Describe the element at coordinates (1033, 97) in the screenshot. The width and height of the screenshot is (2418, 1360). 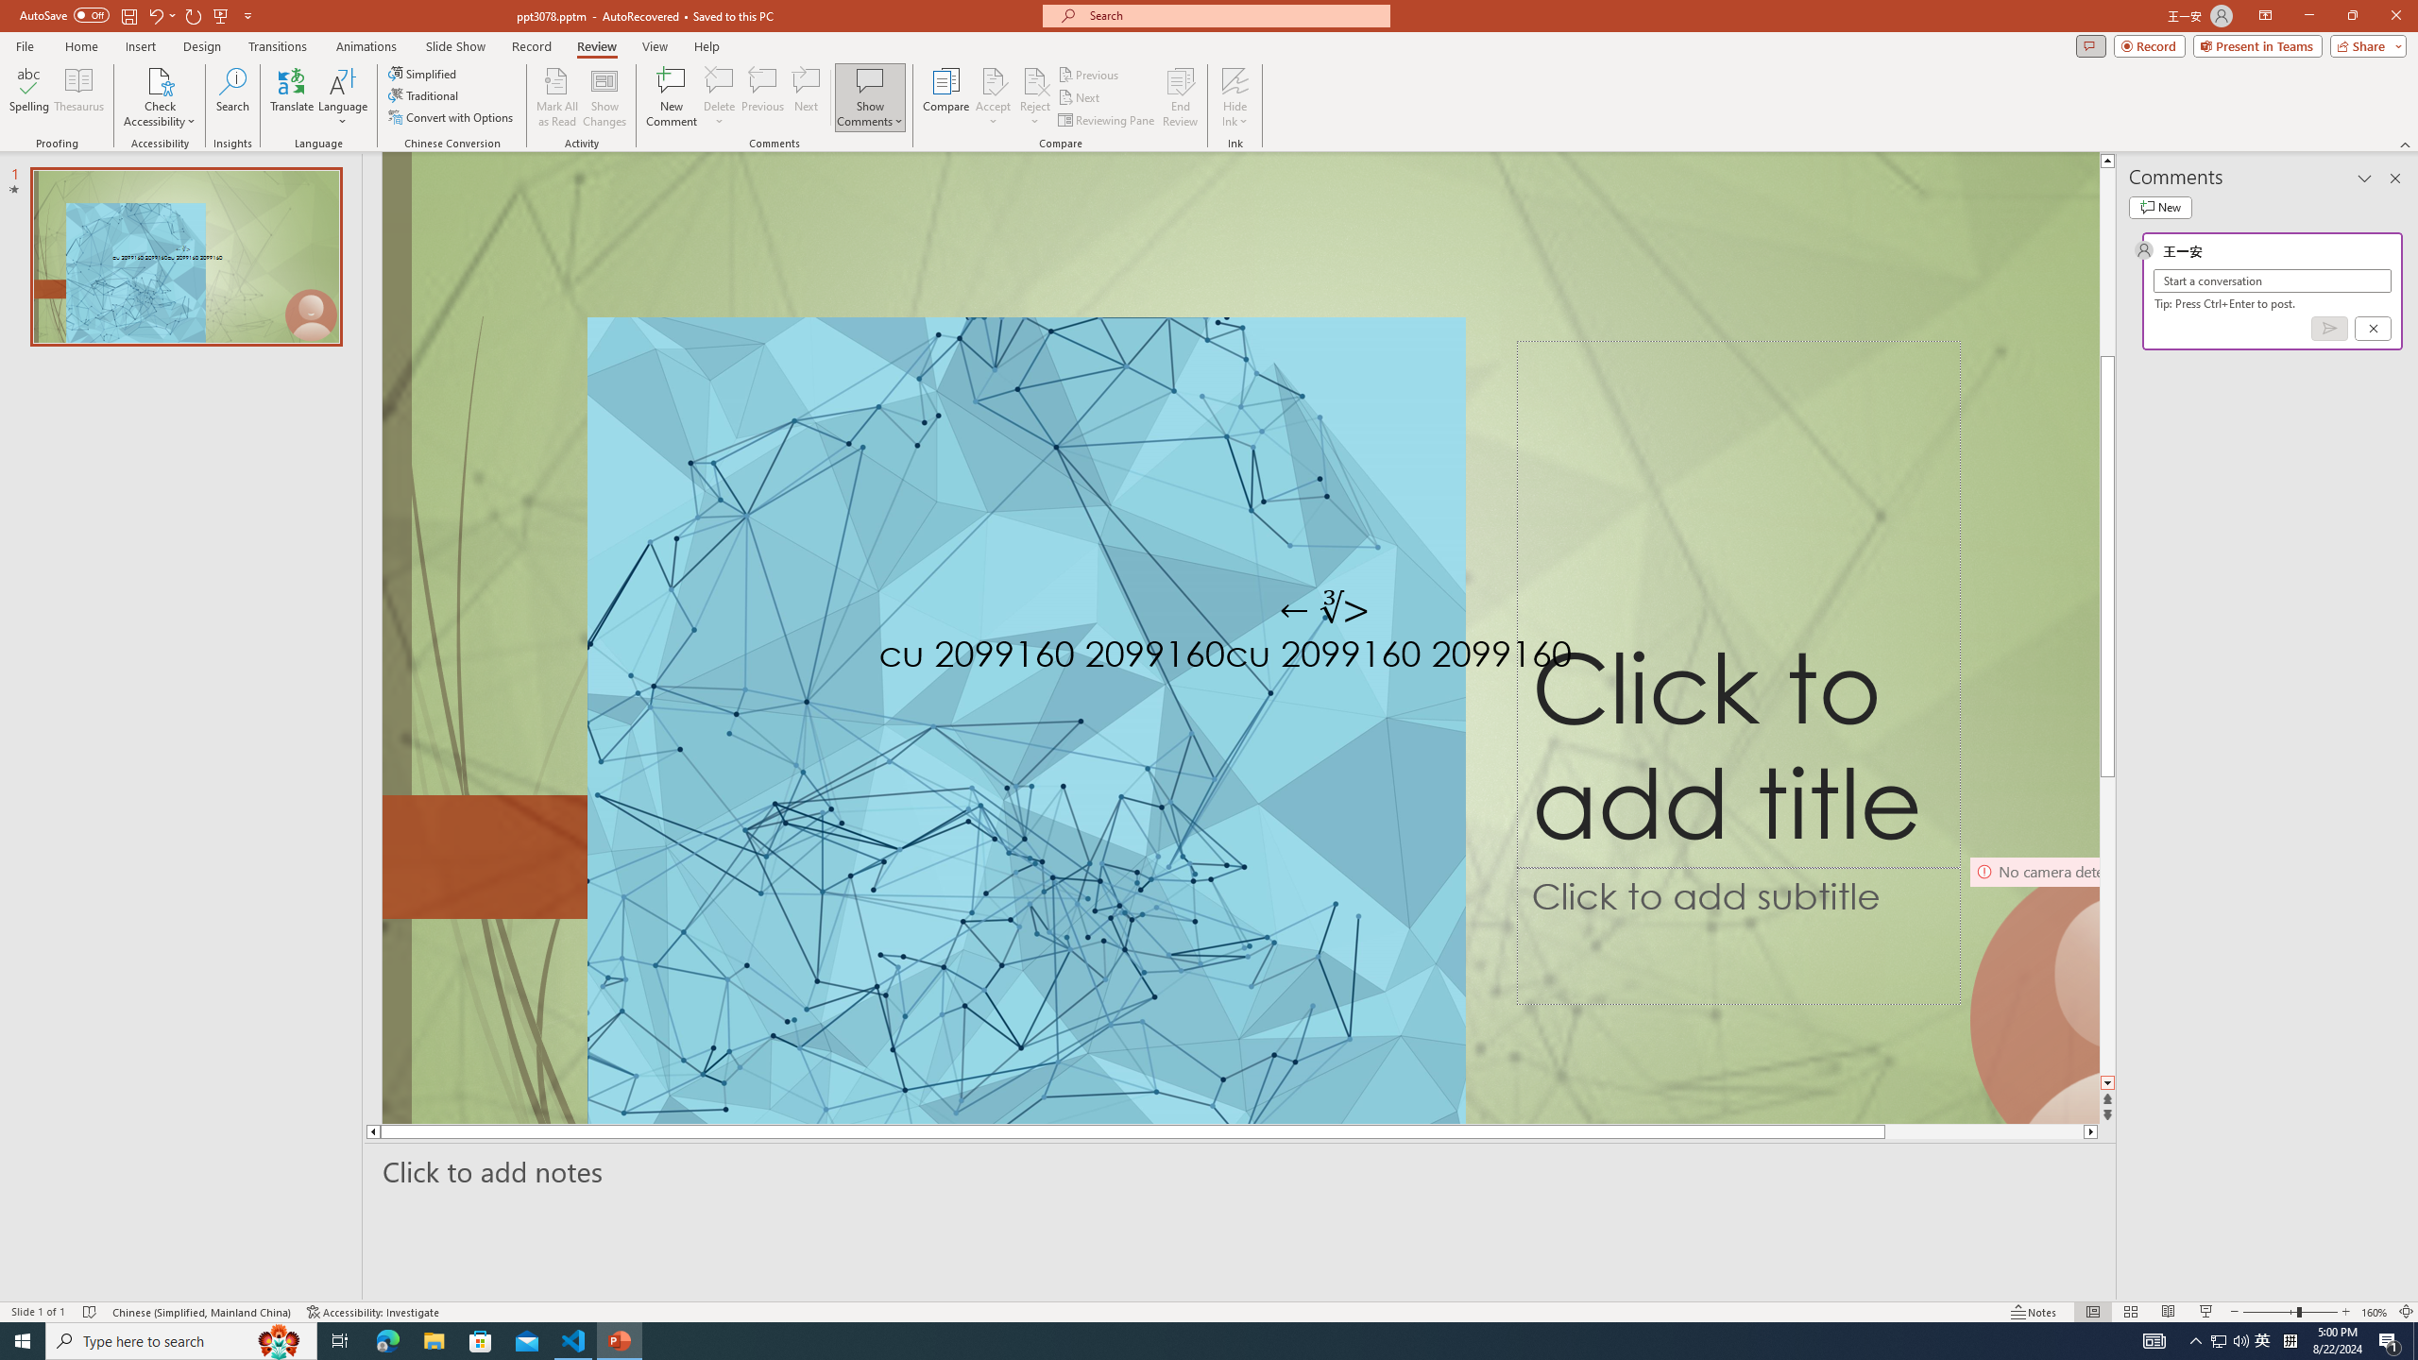
I see `'Reject'` at that location.